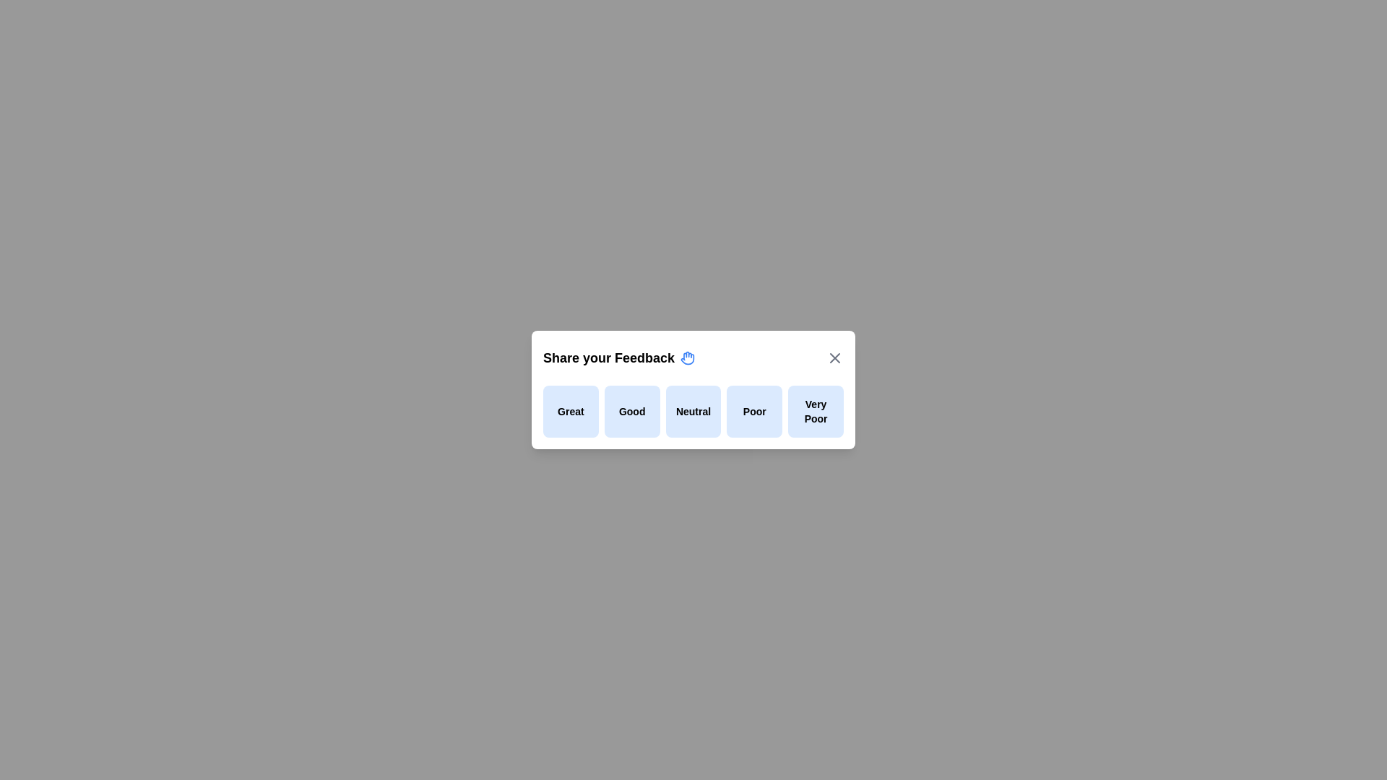 This screenshot has height=780, width=1387. Describe the element at coordinates (754, 412) in the screenshot. I see `the feedback option Poor` at that location.